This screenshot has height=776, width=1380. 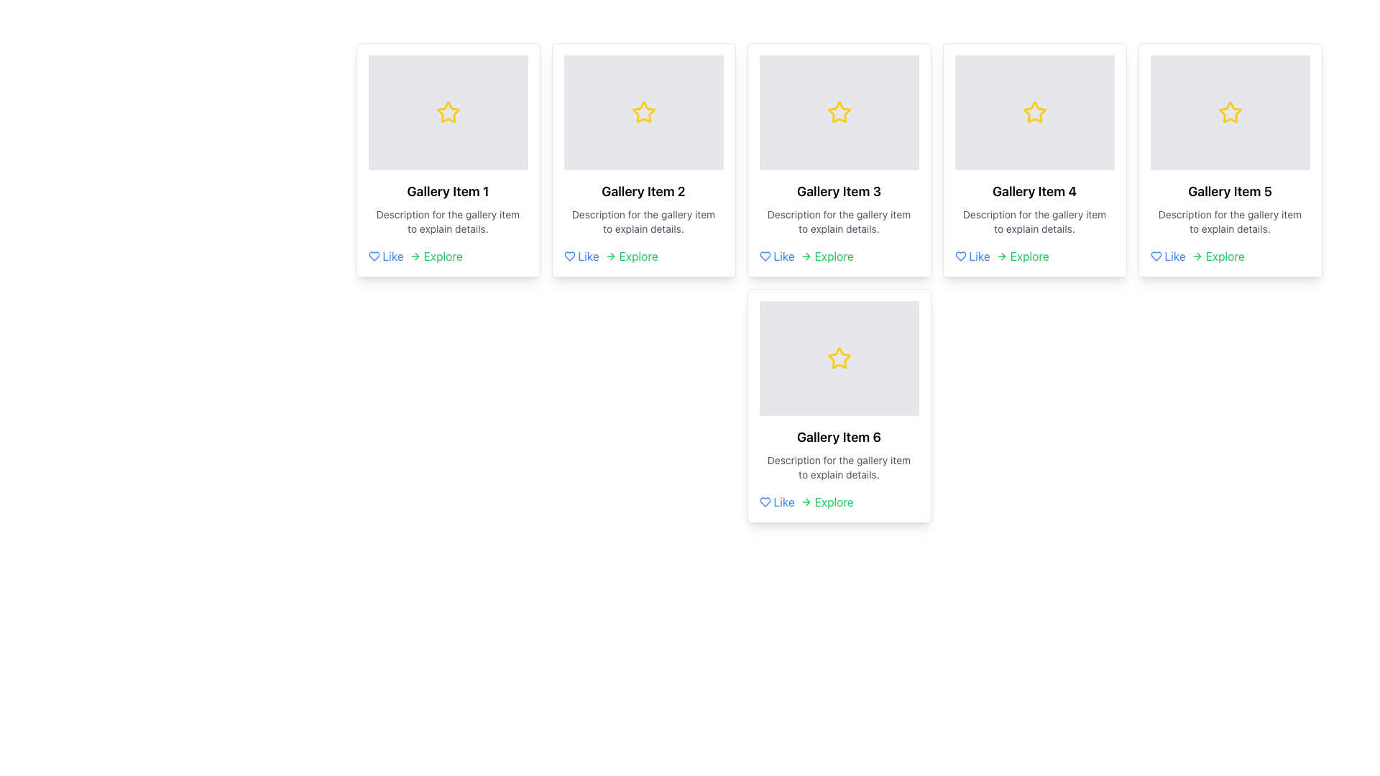 I want to click on the star icon located at the top-center of the third card in the grid layout, so click(x=839, y=112).